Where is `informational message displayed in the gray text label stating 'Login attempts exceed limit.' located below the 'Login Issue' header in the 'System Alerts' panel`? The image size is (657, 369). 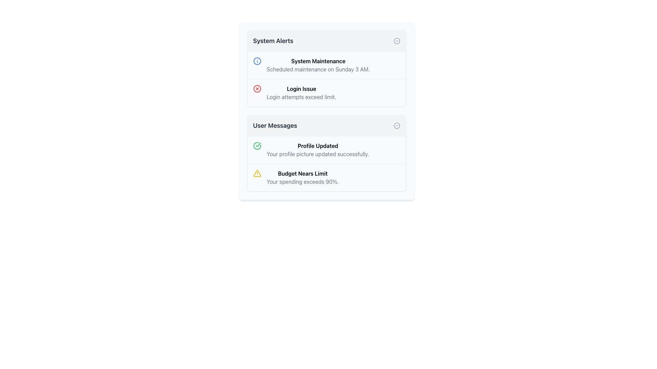
informational message displayed in the gray text label stating 'Login attempts exceed limit.' located below the 'Login Issue' header in the 'System Alerts' panel is located at coordinates (301, 97).